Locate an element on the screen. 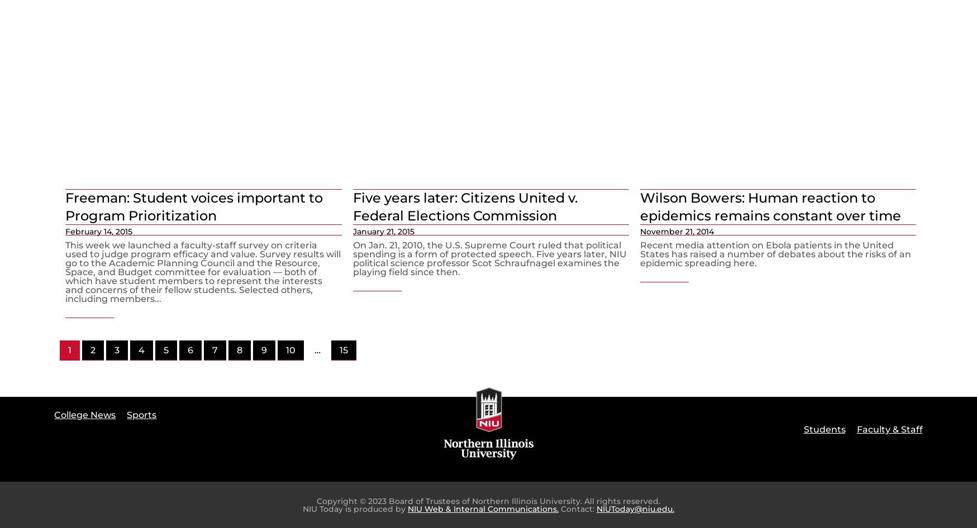  'Students' is located at coordinates (824, 429).